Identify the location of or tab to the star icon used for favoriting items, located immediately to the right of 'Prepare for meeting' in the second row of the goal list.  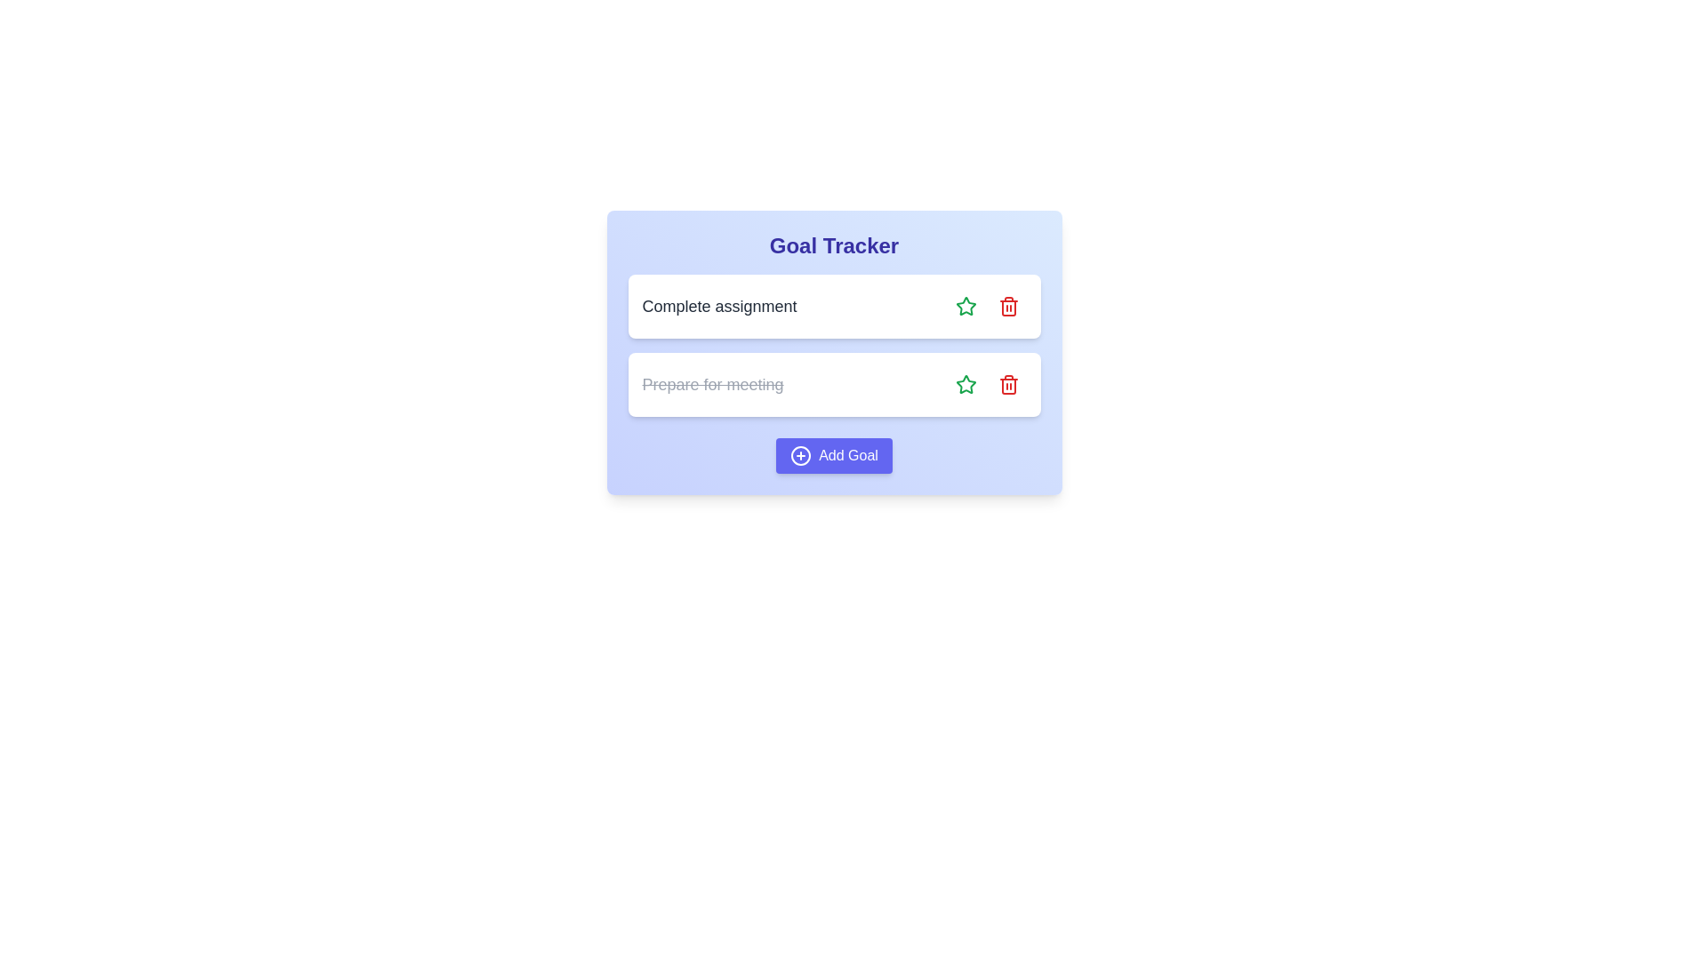
(965, 383).